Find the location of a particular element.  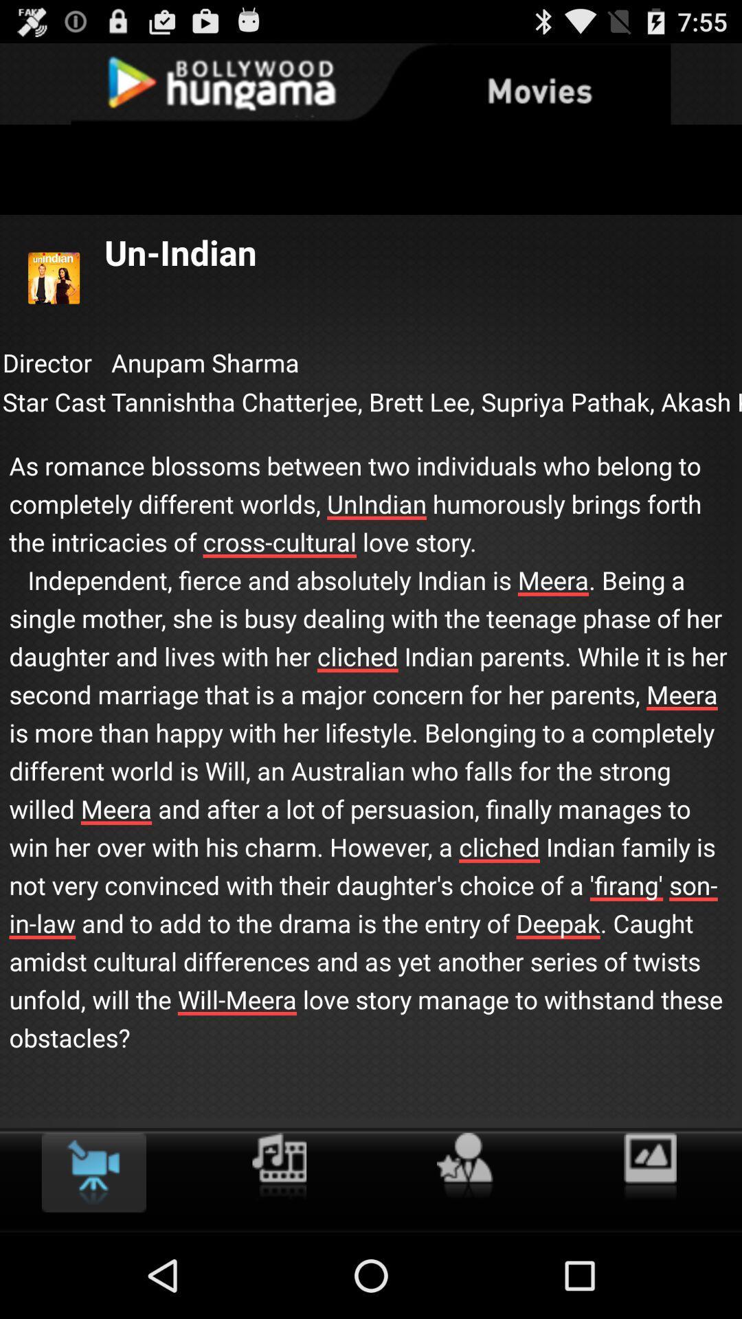

video option is located at coordinates (93, 1172).